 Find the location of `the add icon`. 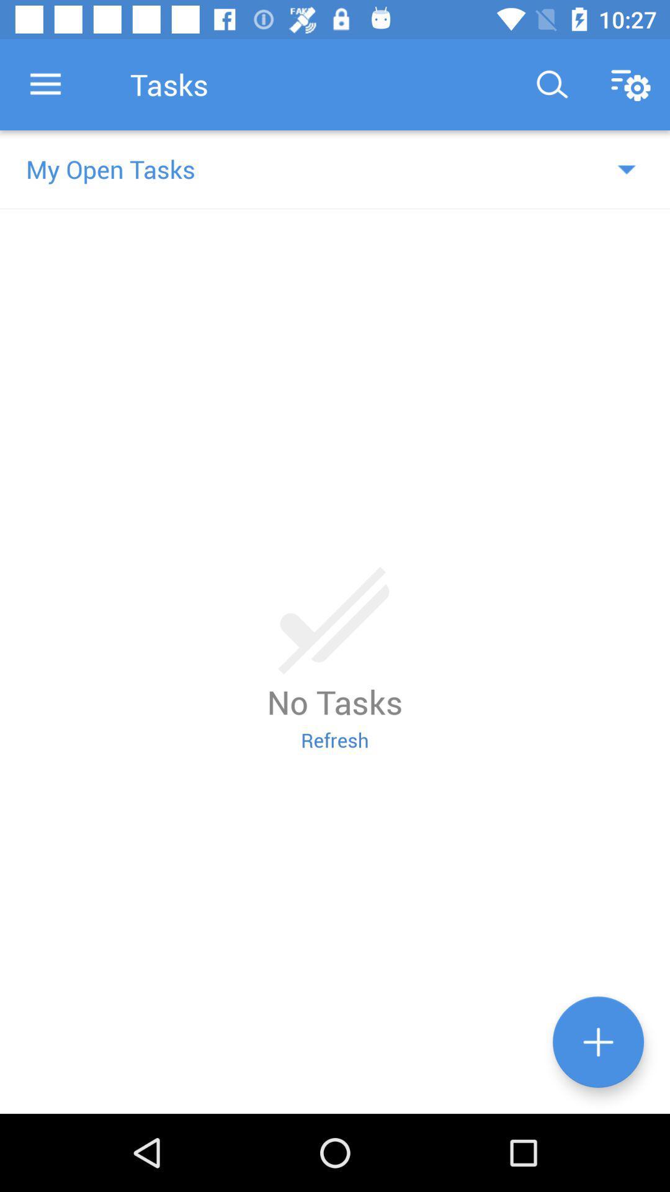

the add icon is located at coordinates (597, 1042).